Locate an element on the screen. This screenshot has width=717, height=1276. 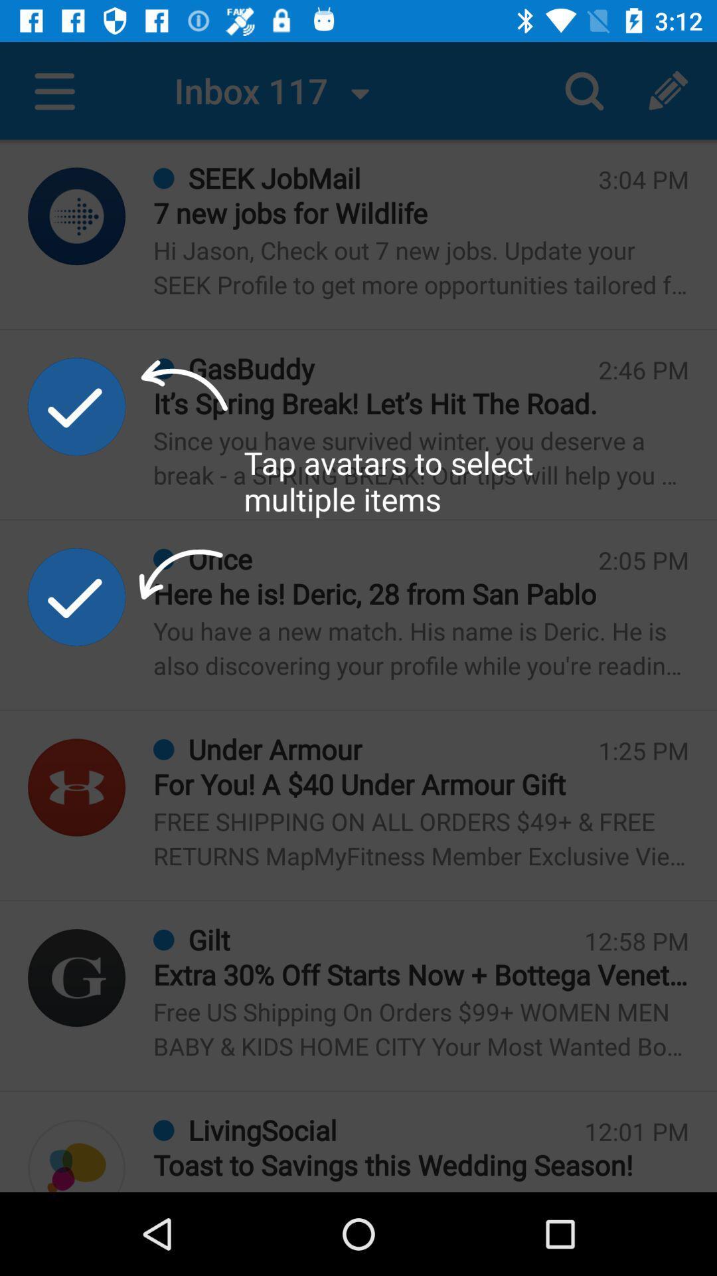
advertisement is located at coordinates (76, 596).